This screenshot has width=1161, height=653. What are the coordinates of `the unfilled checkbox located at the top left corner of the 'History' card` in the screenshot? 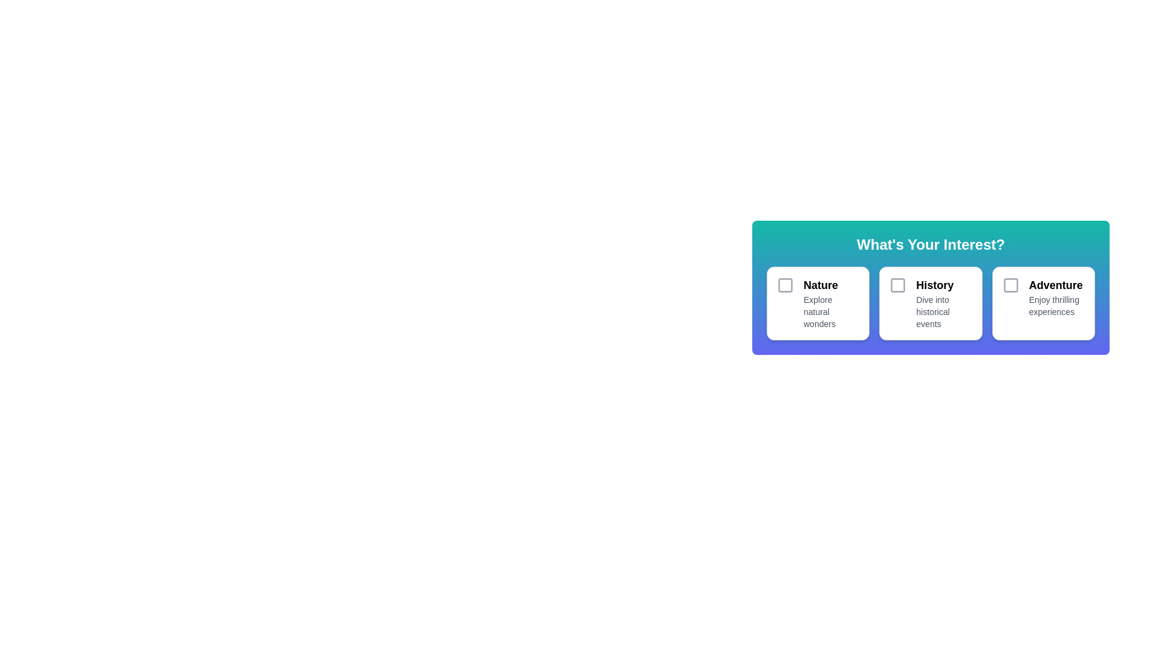 It's located at (898, 302).